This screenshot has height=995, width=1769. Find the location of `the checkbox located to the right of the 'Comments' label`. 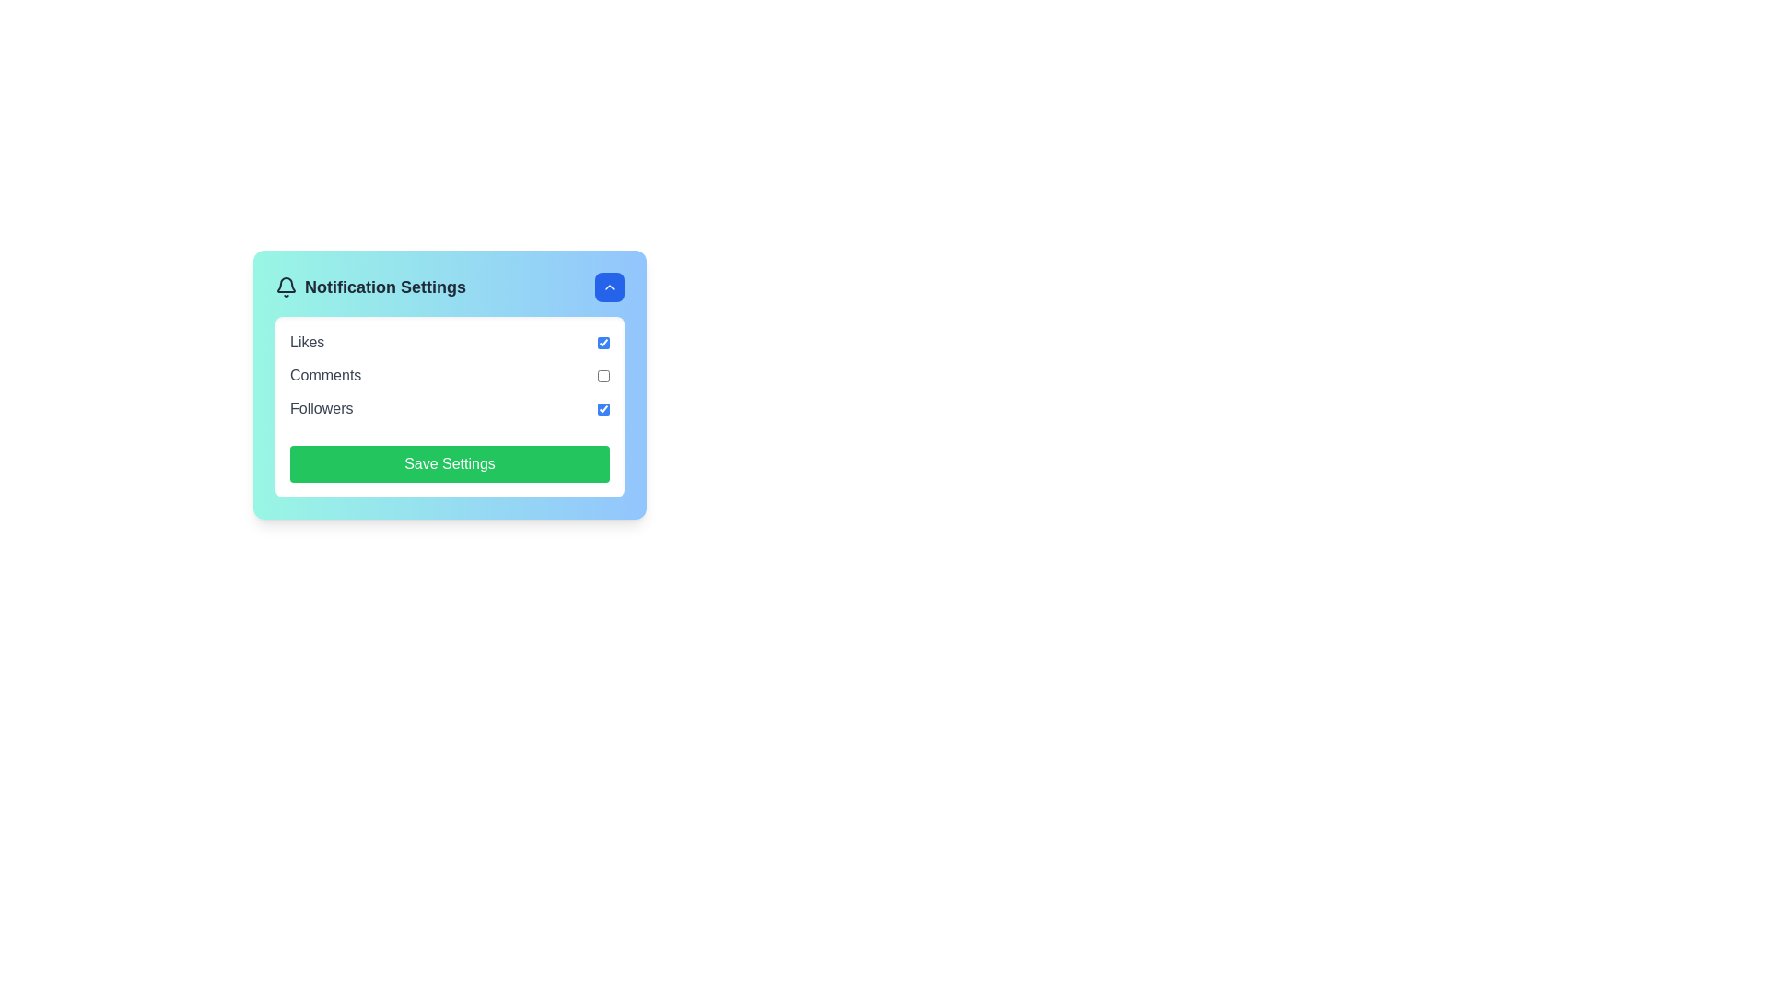

the checkbox located to the right of the 'Comments' label is located at coordinates (603, 375).